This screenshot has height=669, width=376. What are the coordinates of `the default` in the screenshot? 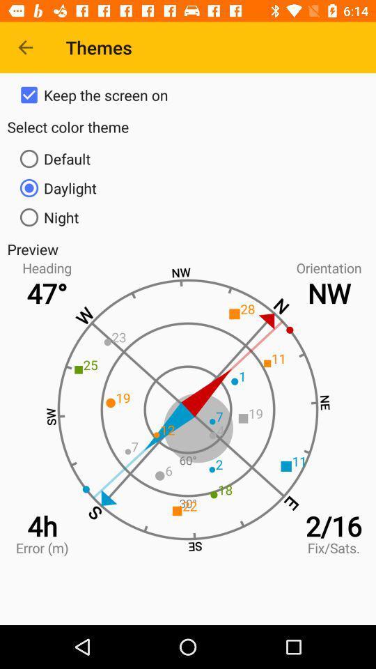 It's located at (188, 159).